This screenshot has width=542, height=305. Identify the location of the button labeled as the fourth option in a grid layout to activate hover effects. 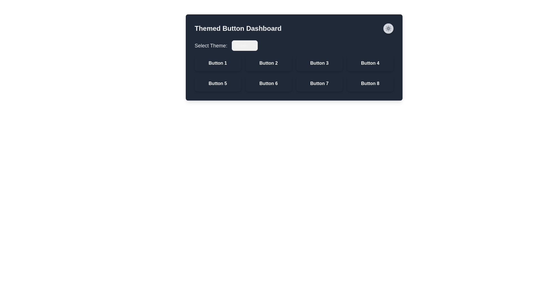
(370, 63).